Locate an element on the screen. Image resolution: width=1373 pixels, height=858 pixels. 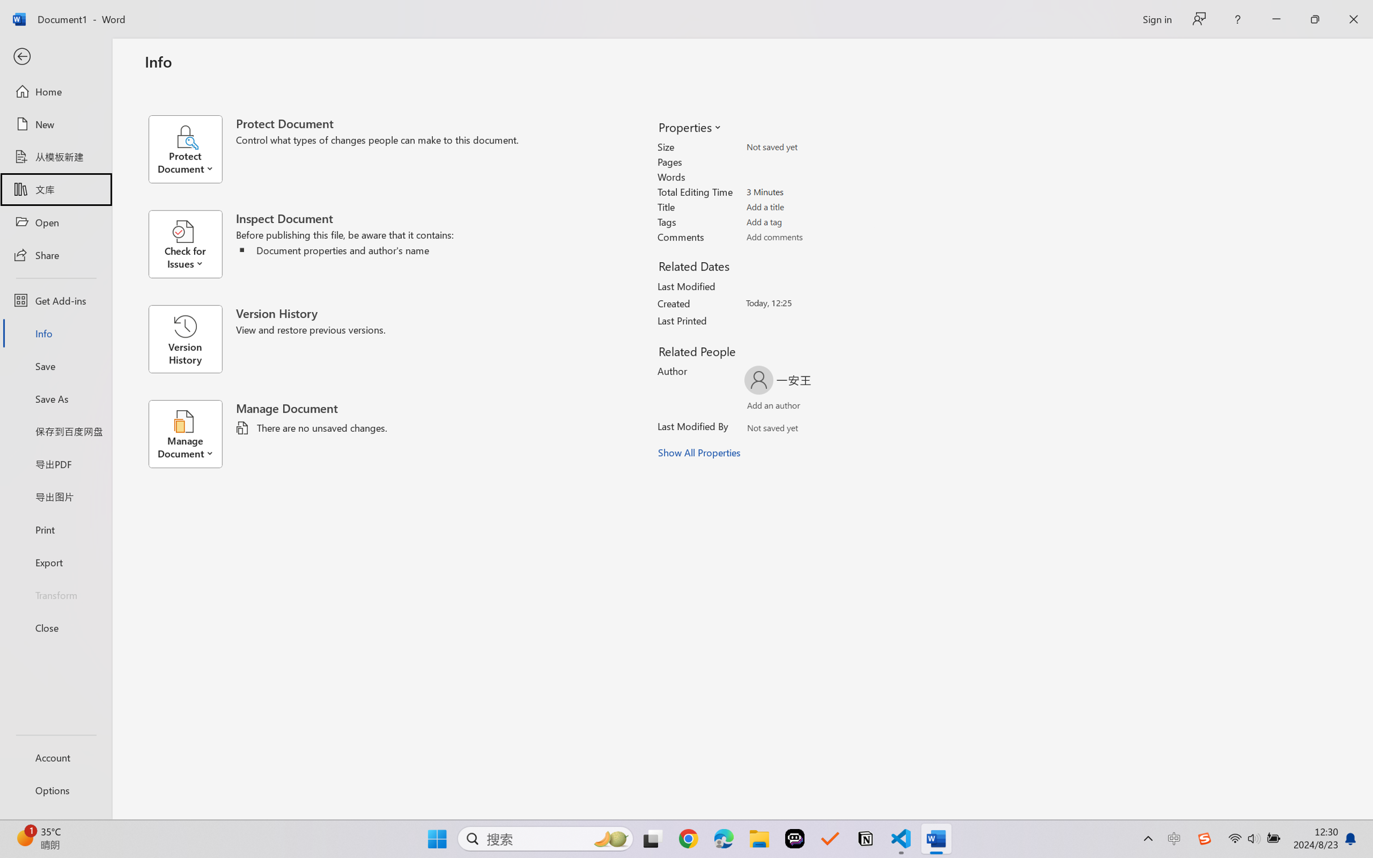
'Back' is located at coordinates (55, 57).